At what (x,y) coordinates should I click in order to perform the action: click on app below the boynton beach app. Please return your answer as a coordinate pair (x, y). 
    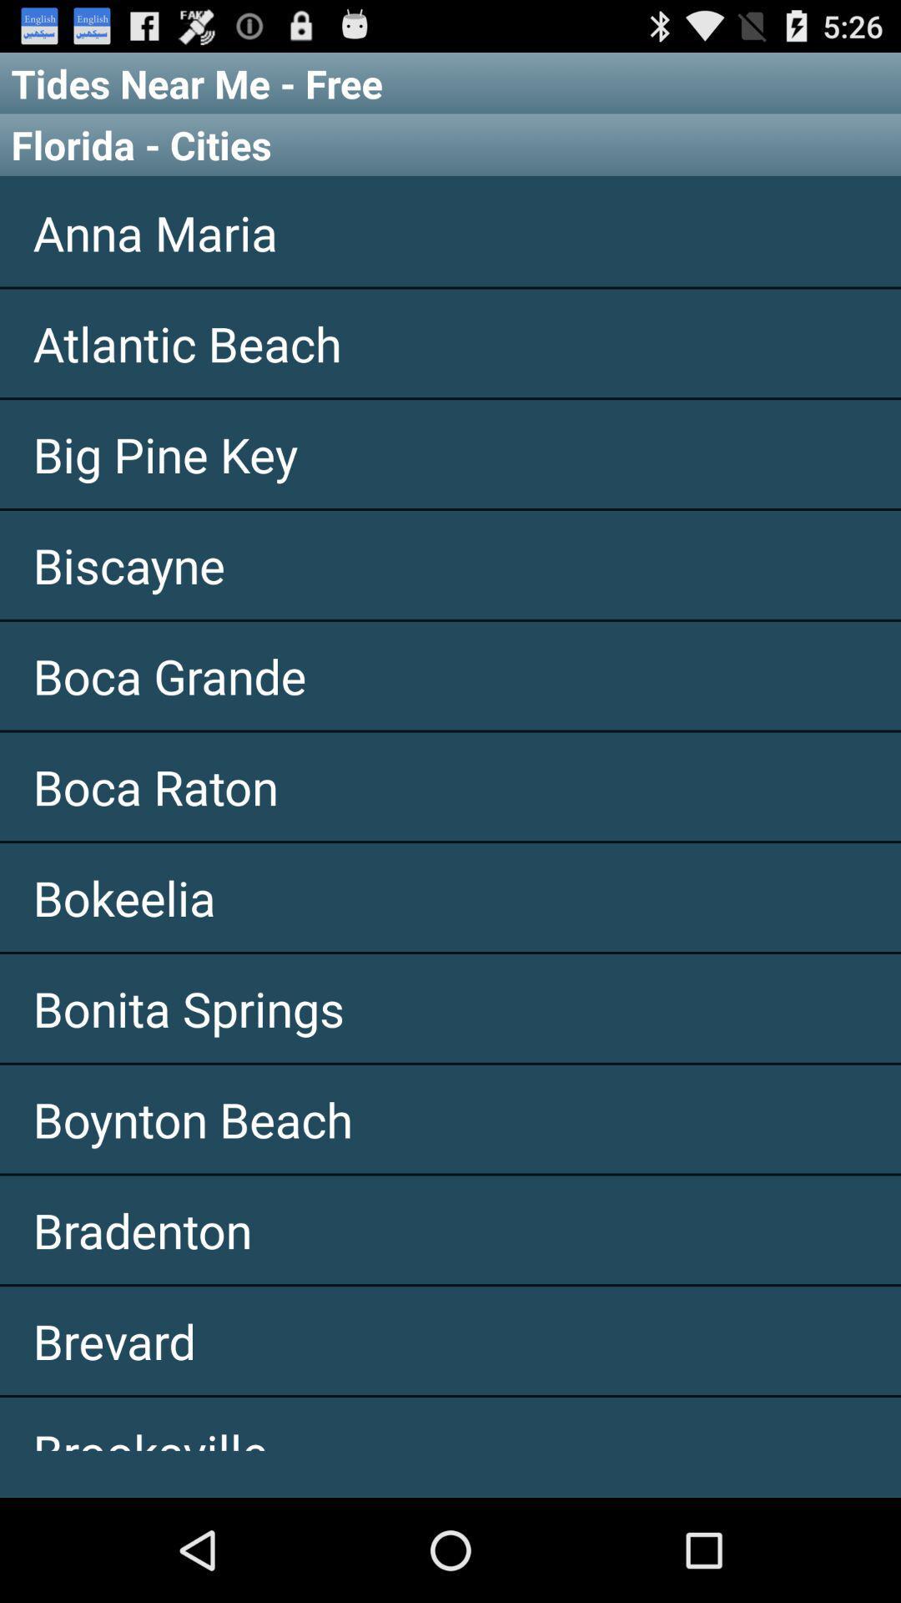
    Looking at the image, I should click on (450, 1230).